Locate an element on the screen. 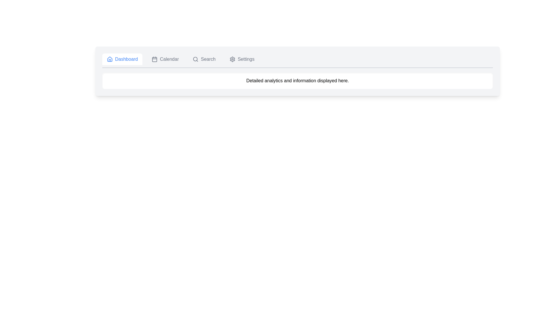  the Gear/Settings icon located in the header navigation bar, which is visually associated with the 'Settings' text is located at coordinates (232, 59).